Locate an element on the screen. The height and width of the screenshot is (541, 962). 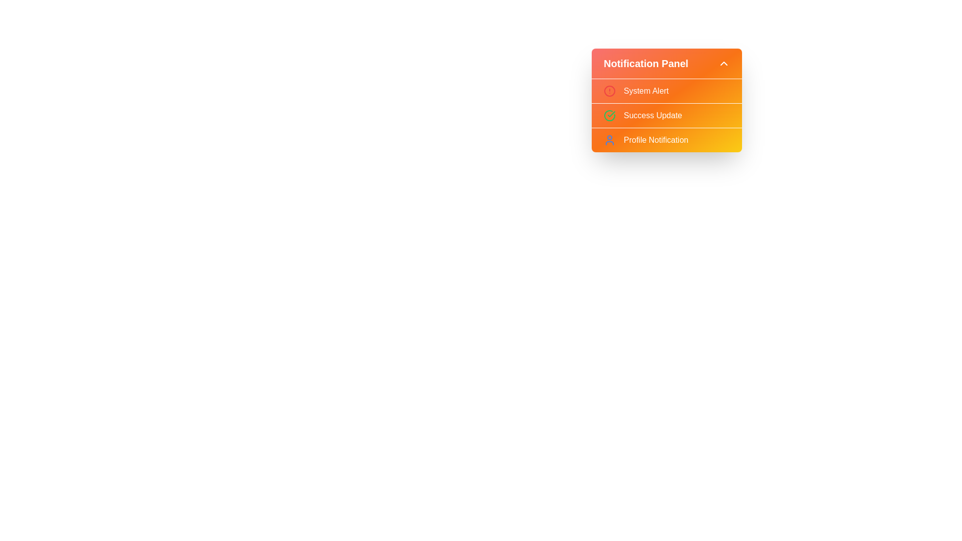
the notification item Success Update to trigger the visual feedback is located at coordinates (666, 115).